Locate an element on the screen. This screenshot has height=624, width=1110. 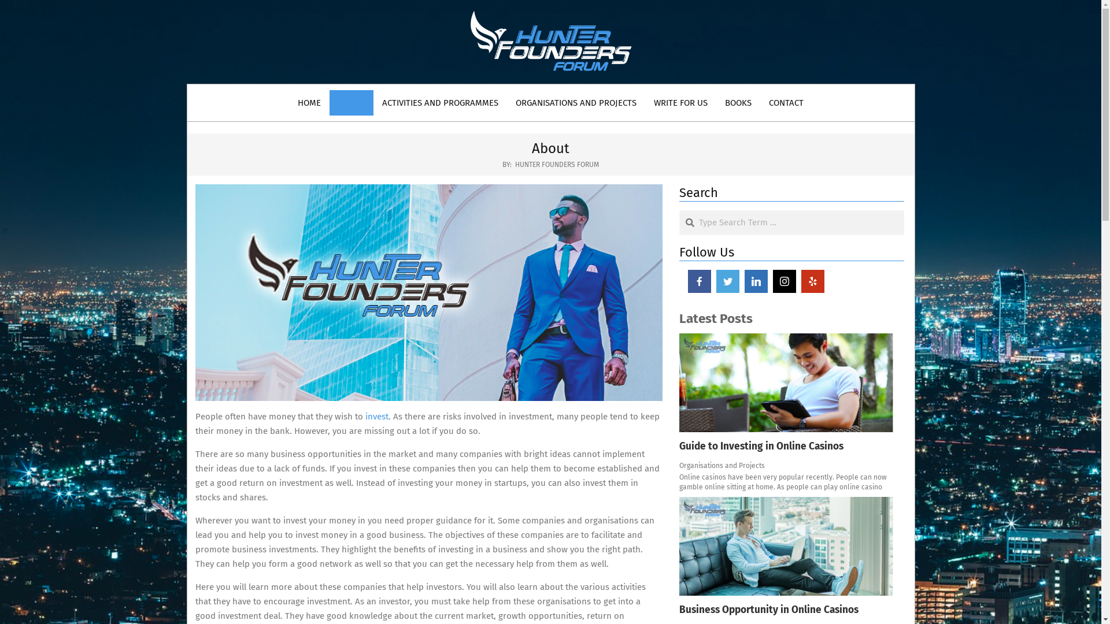
'twitter' is located at coordinates (727, 281).